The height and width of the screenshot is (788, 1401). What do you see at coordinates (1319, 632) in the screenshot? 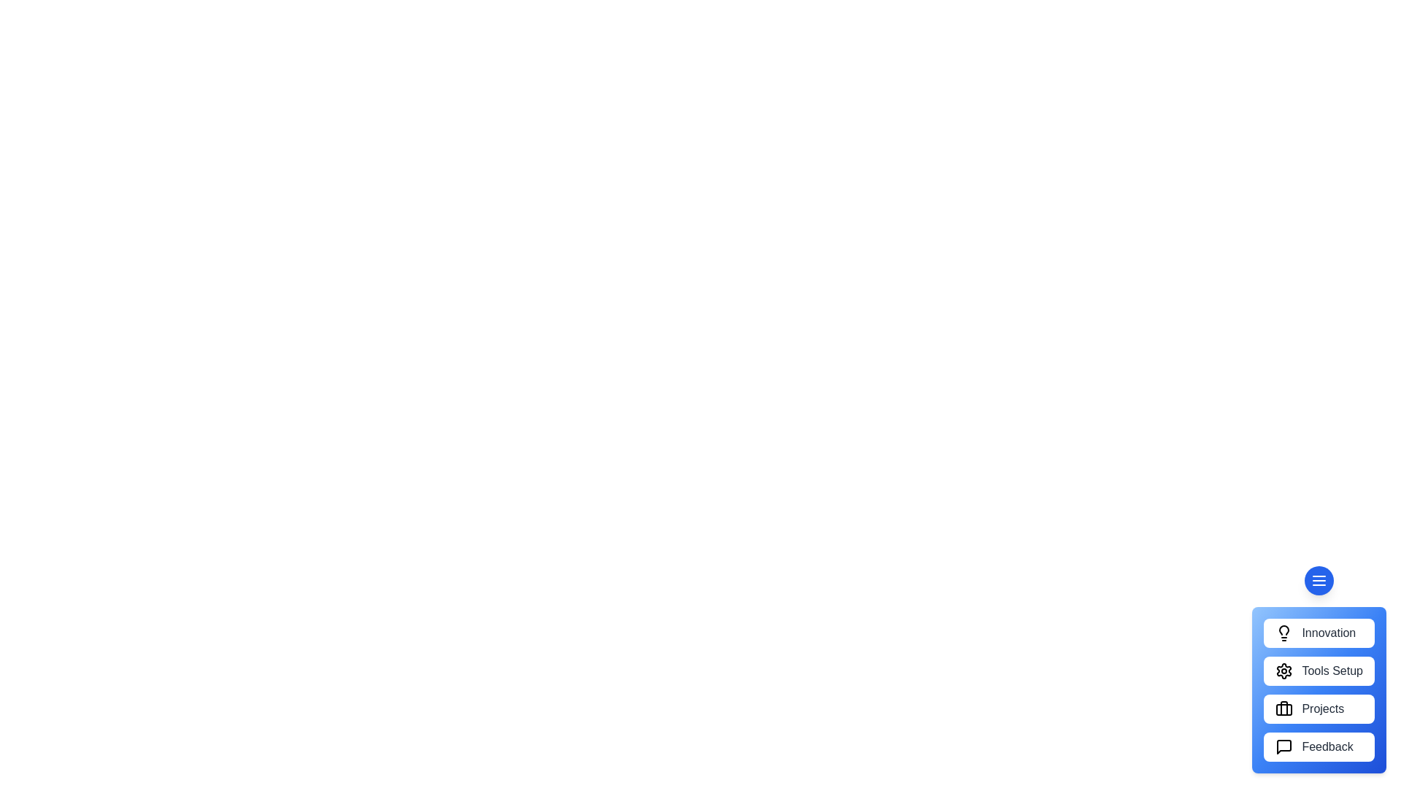
I see `'Innovation' button` at bounding box center [1319, 632].